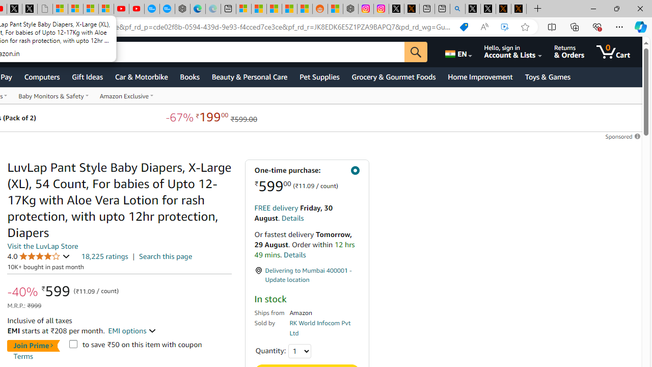  I want to click on 'Profile / X', so click(472, 9).